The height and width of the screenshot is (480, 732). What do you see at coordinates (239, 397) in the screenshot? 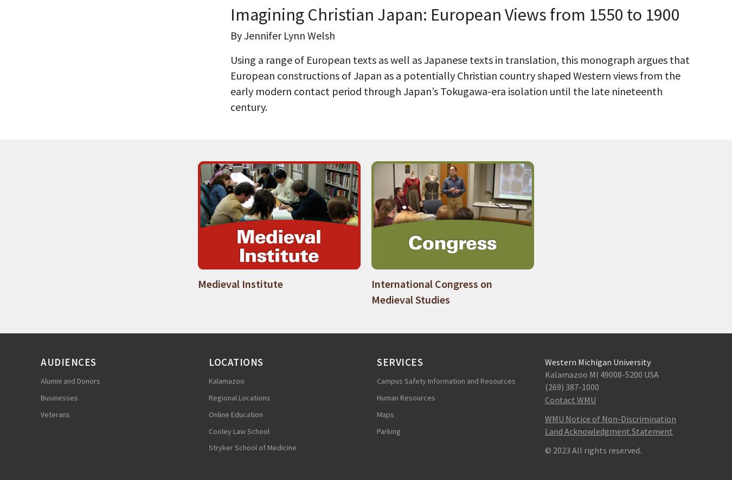
I see `'Regional Locations'` at bounding box center [239, 397].